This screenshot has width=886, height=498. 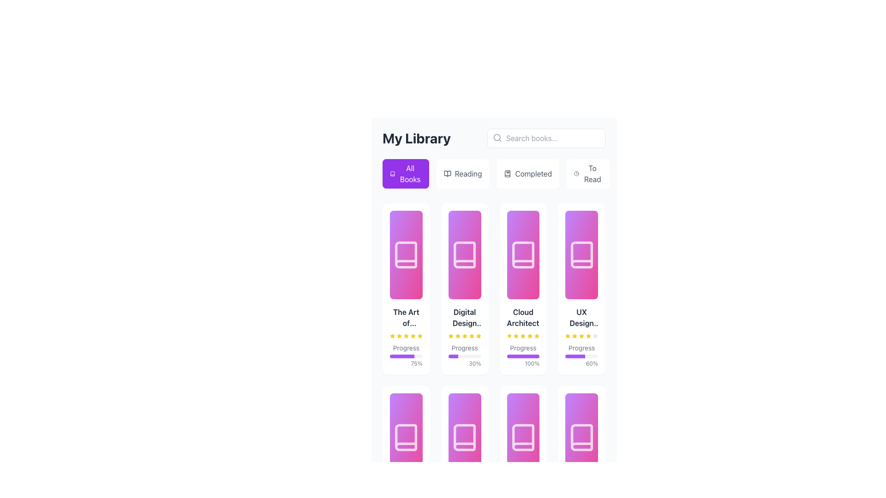 I want to click on the active yellow star icon in the rating component for the 'UX Design' book card, so click(x=567, y=336).